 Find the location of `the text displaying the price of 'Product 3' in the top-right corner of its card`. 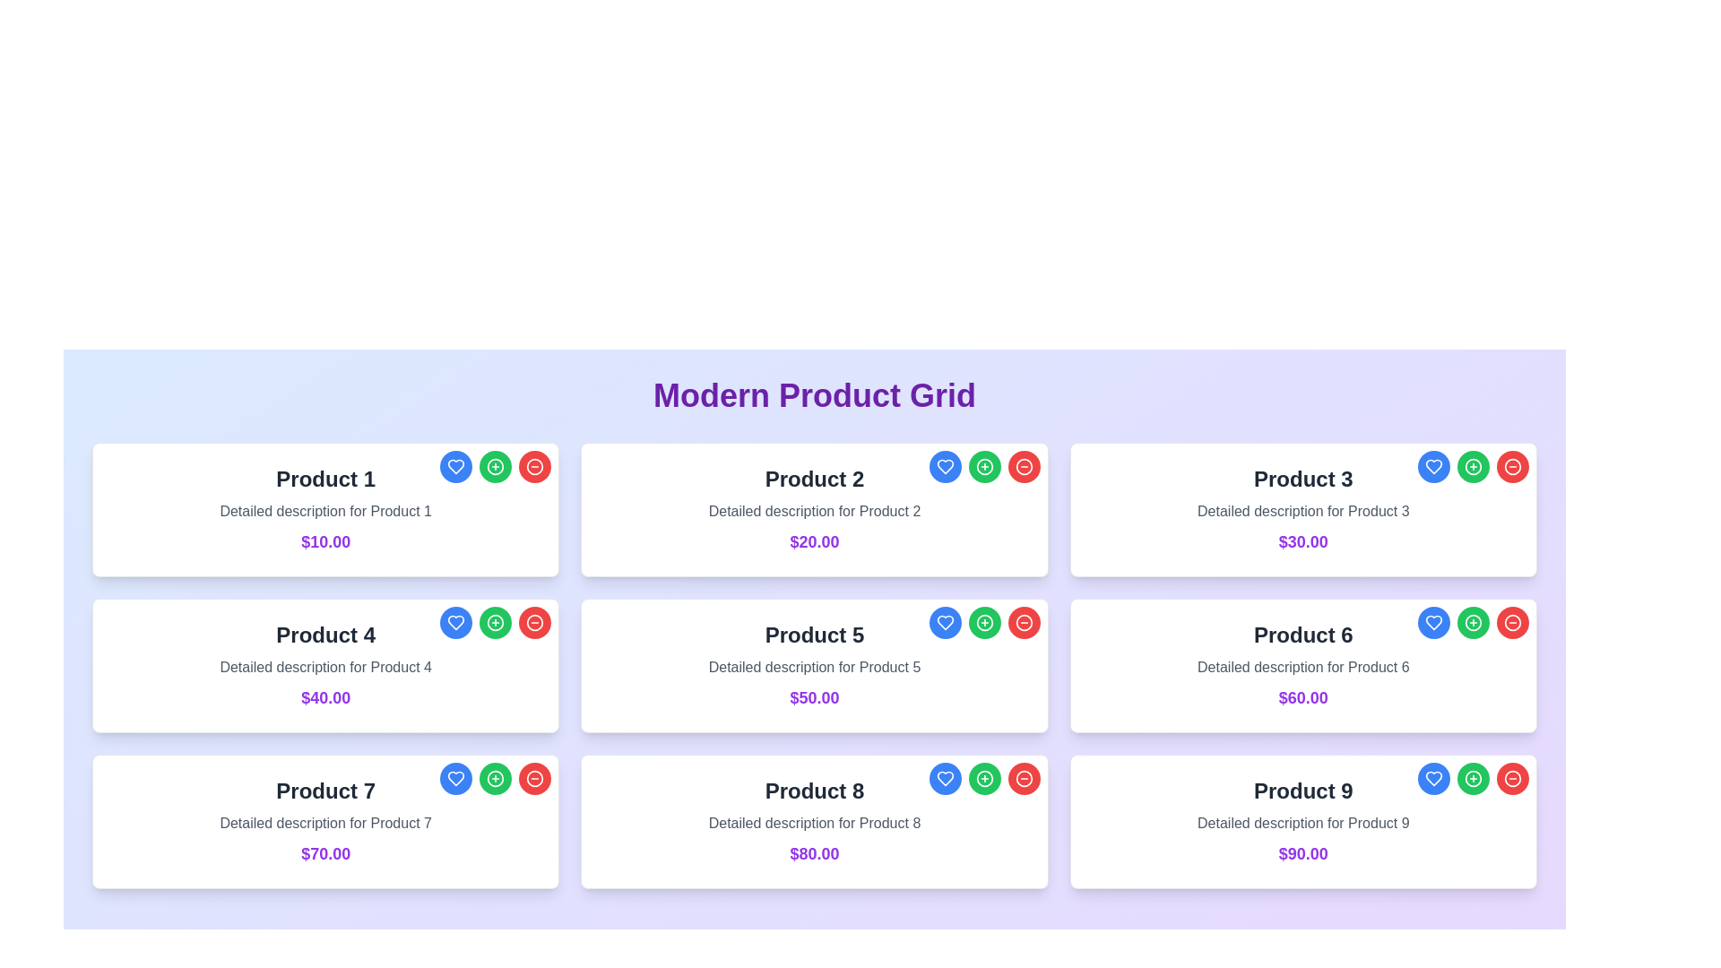

the text displaying the price of 'Product 3' in the top-right corner of its card is located at coordinates (1303, 541).